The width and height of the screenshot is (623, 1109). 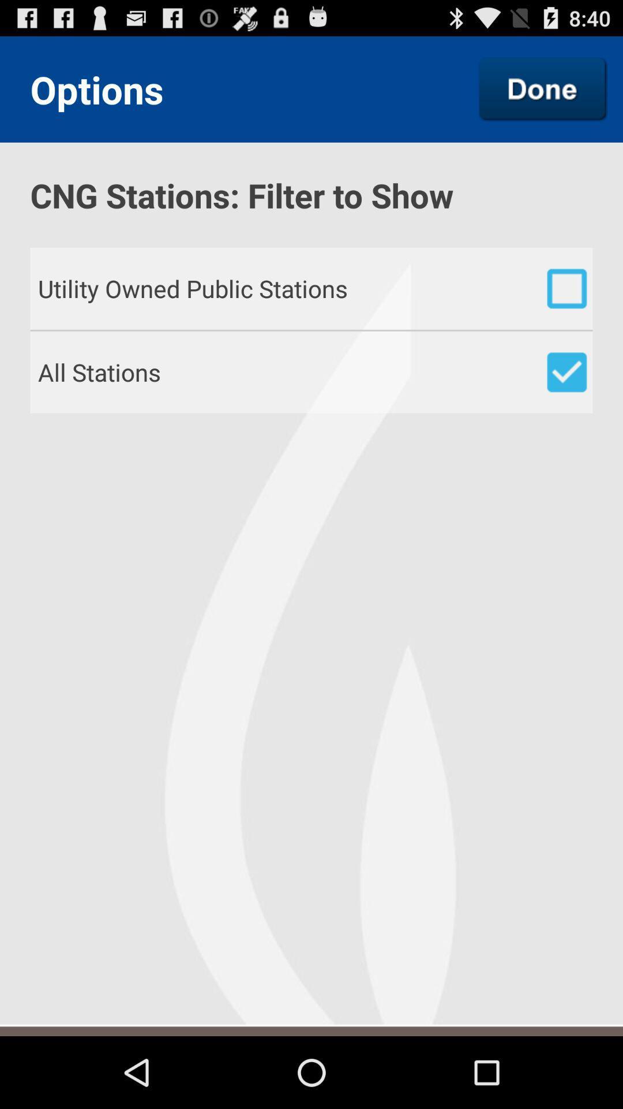 What do you see at coordinates (543, 88) in the screenshot?
I see `the item to the right of the options` at bounding box center [543, 88].